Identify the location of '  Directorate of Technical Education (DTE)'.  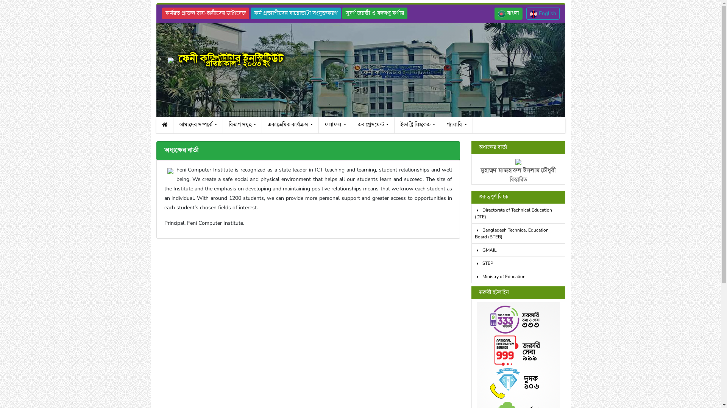
(471, 213).